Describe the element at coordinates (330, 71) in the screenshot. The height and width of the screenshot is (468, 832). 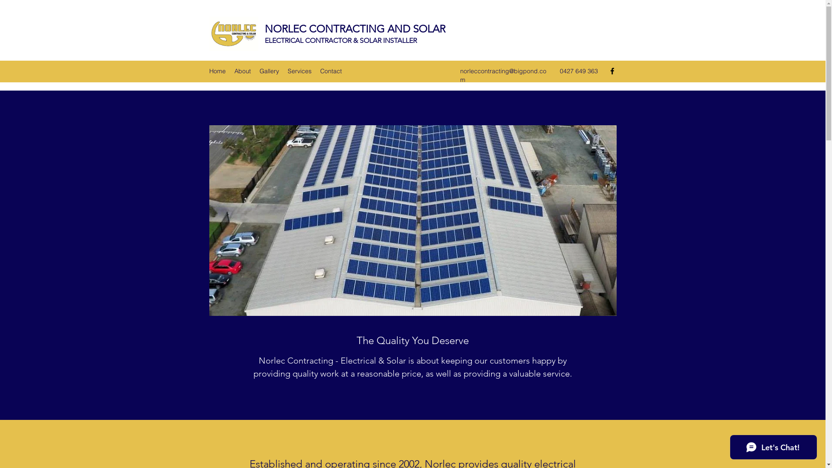
I see `'Contact'` at that location.